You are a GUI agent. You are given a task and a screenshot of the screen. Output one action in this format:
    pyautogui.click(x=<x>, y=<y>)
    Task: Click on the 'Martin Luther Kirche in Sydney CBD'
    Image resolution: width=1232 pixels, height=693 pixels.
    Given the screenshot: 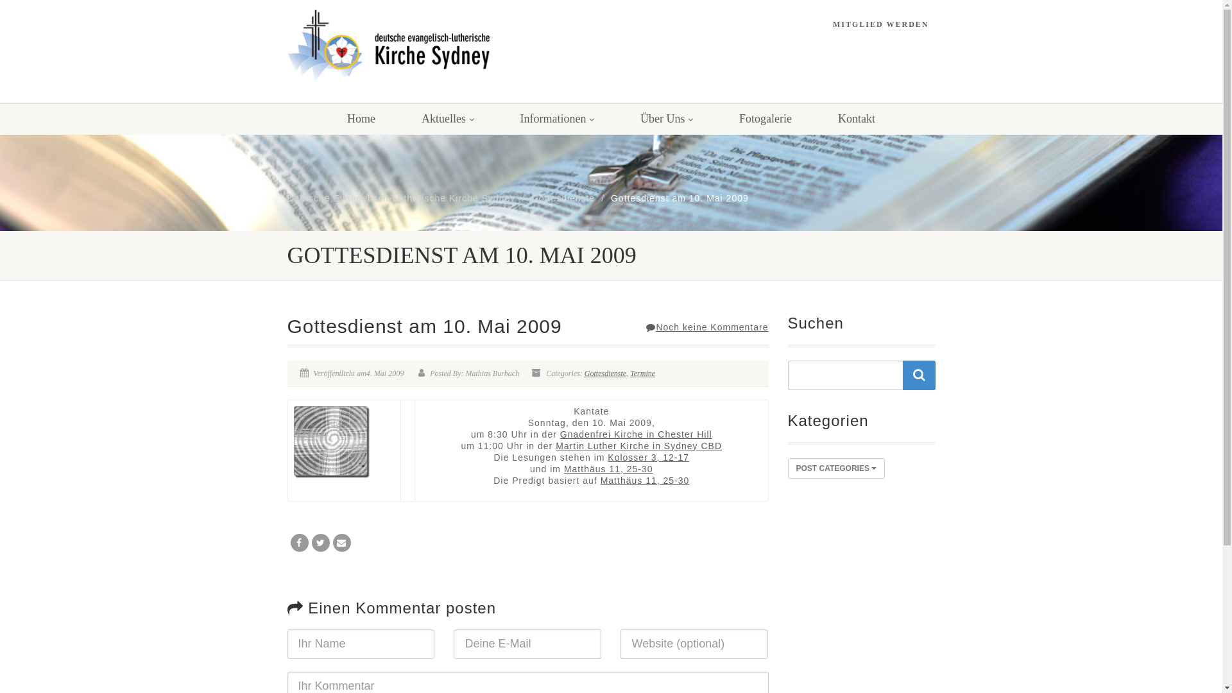 What is the action you would take?
    pyautogui.click(x=638, y=445)
    